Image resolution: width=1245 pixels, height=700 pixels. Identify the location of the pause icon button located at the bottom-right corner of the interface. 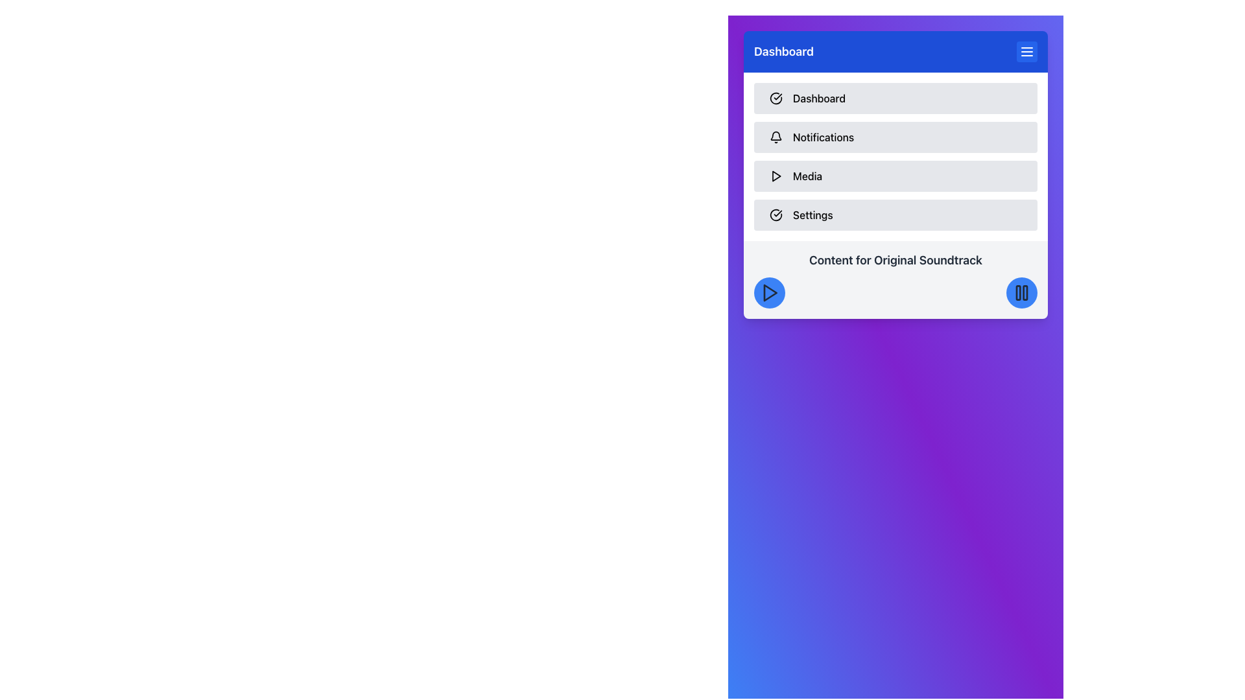
(1021, 292).